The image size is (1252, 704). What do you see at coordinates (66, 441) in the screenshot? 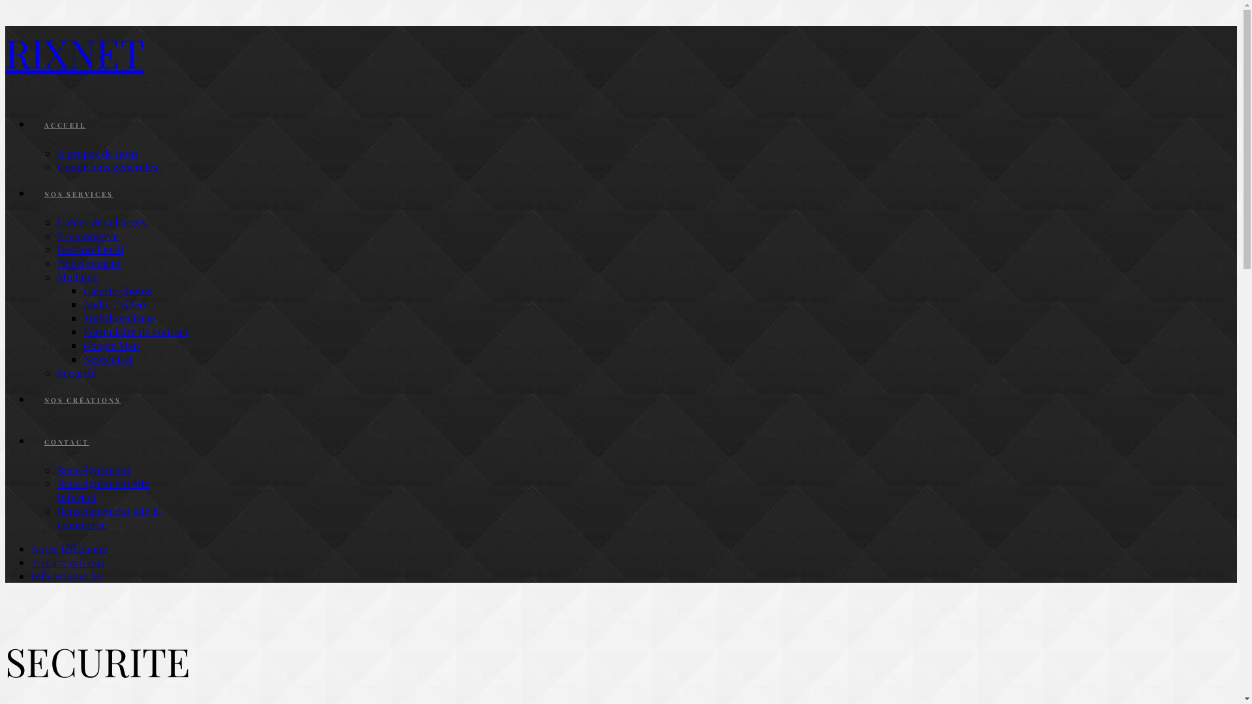
I see `'CONTACT'` at bounding box center [66, 441].